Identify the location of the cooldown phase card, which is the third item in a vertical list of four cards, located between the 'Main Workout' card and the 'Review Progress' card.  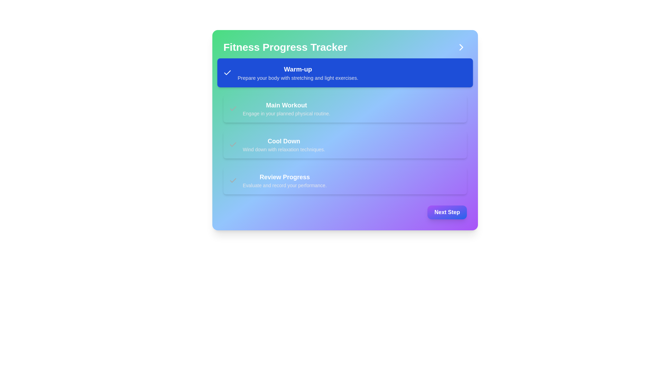
(345, 144).